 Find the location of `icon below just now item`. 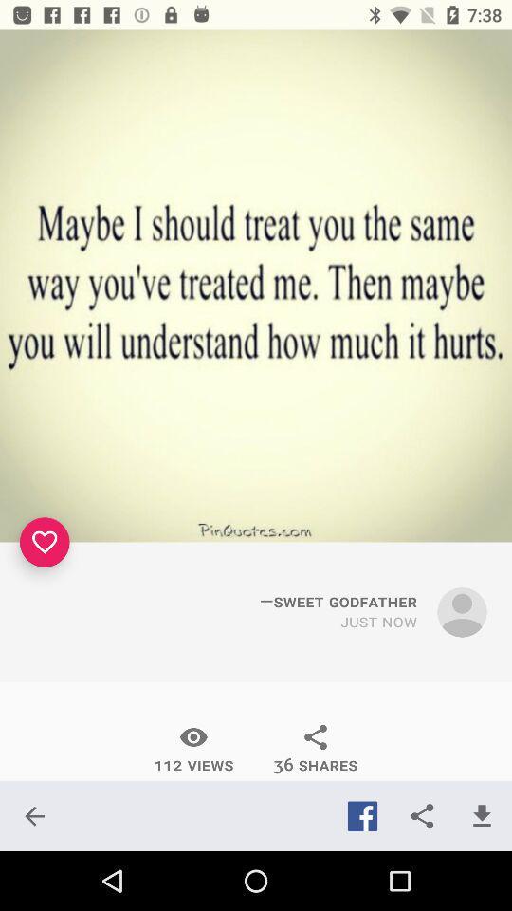

icon below just now item is located at coordinates (316, 749).